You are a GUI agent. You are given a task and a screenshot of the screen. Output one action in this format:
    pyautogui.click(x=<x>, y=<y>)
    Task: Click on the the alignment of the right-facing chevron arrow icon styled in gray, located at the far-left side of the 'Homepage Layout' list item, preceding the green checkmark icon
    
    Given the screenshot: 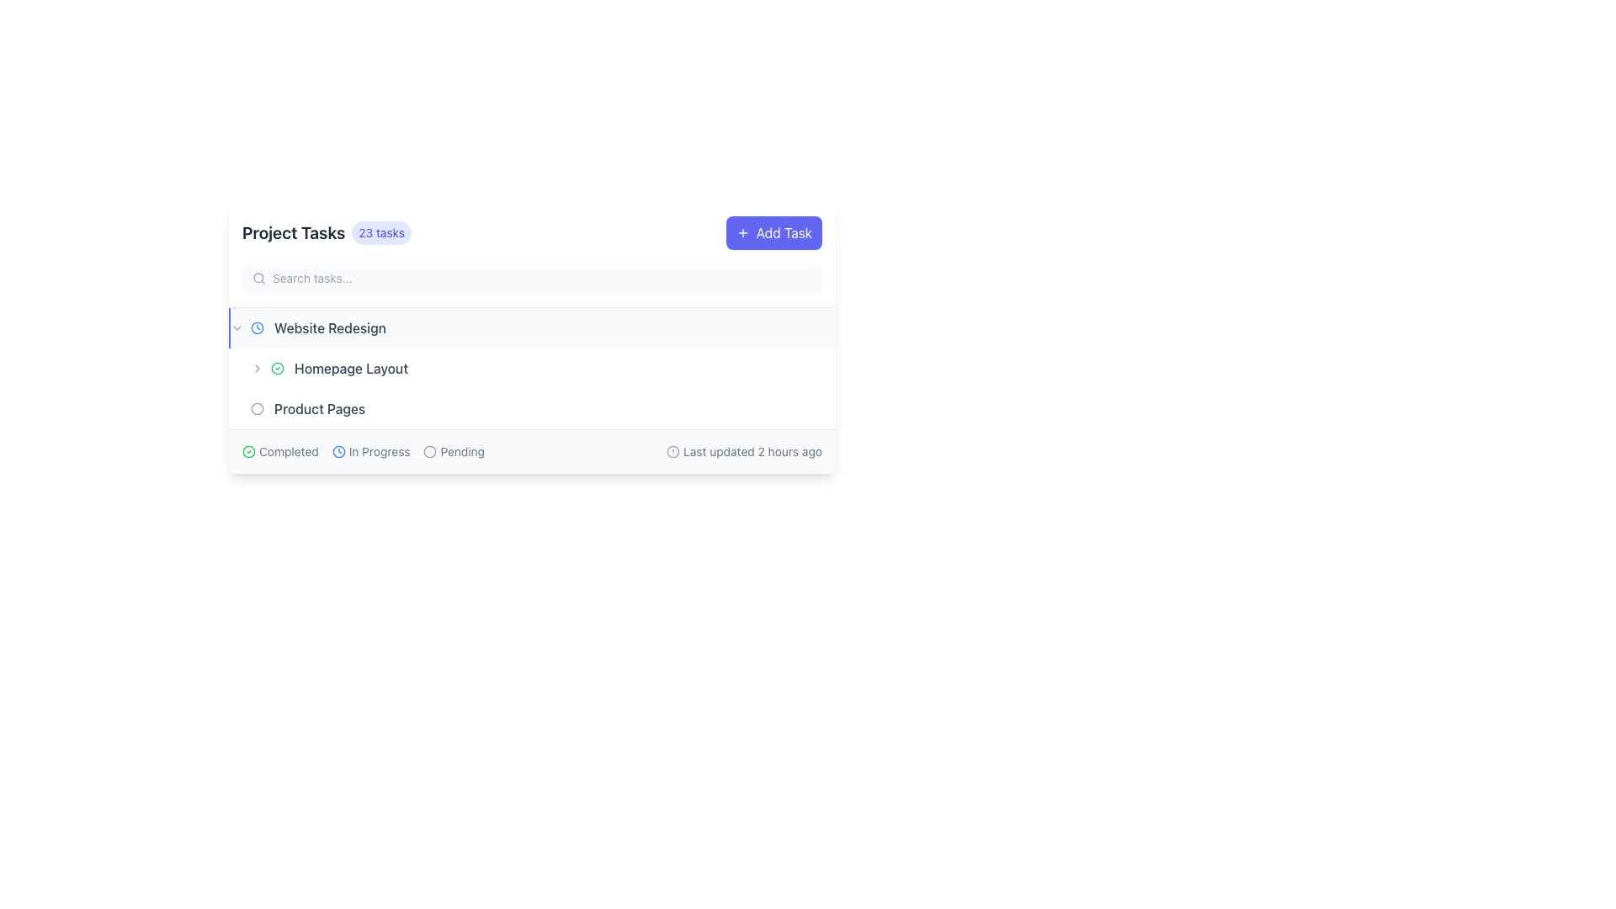 What is the action you would take?
    pyautogui.click(x=257, y=368)
    